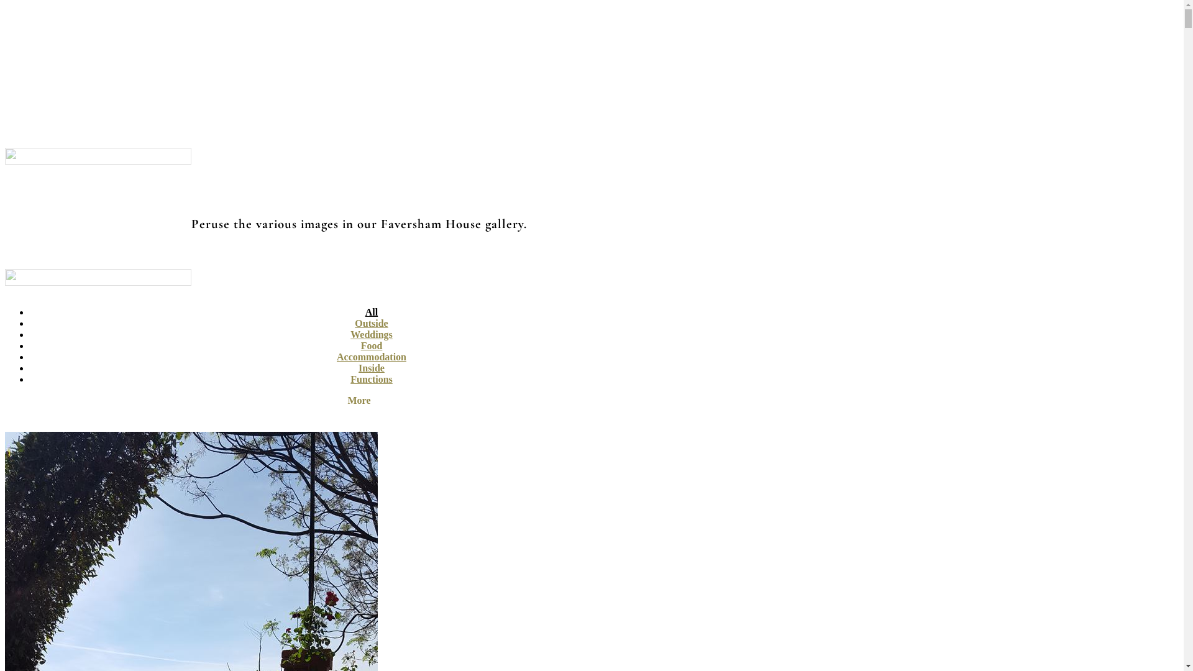 This screenshot has height=671, width=1193. I want to click on 'Weddings', so click(371, 334).